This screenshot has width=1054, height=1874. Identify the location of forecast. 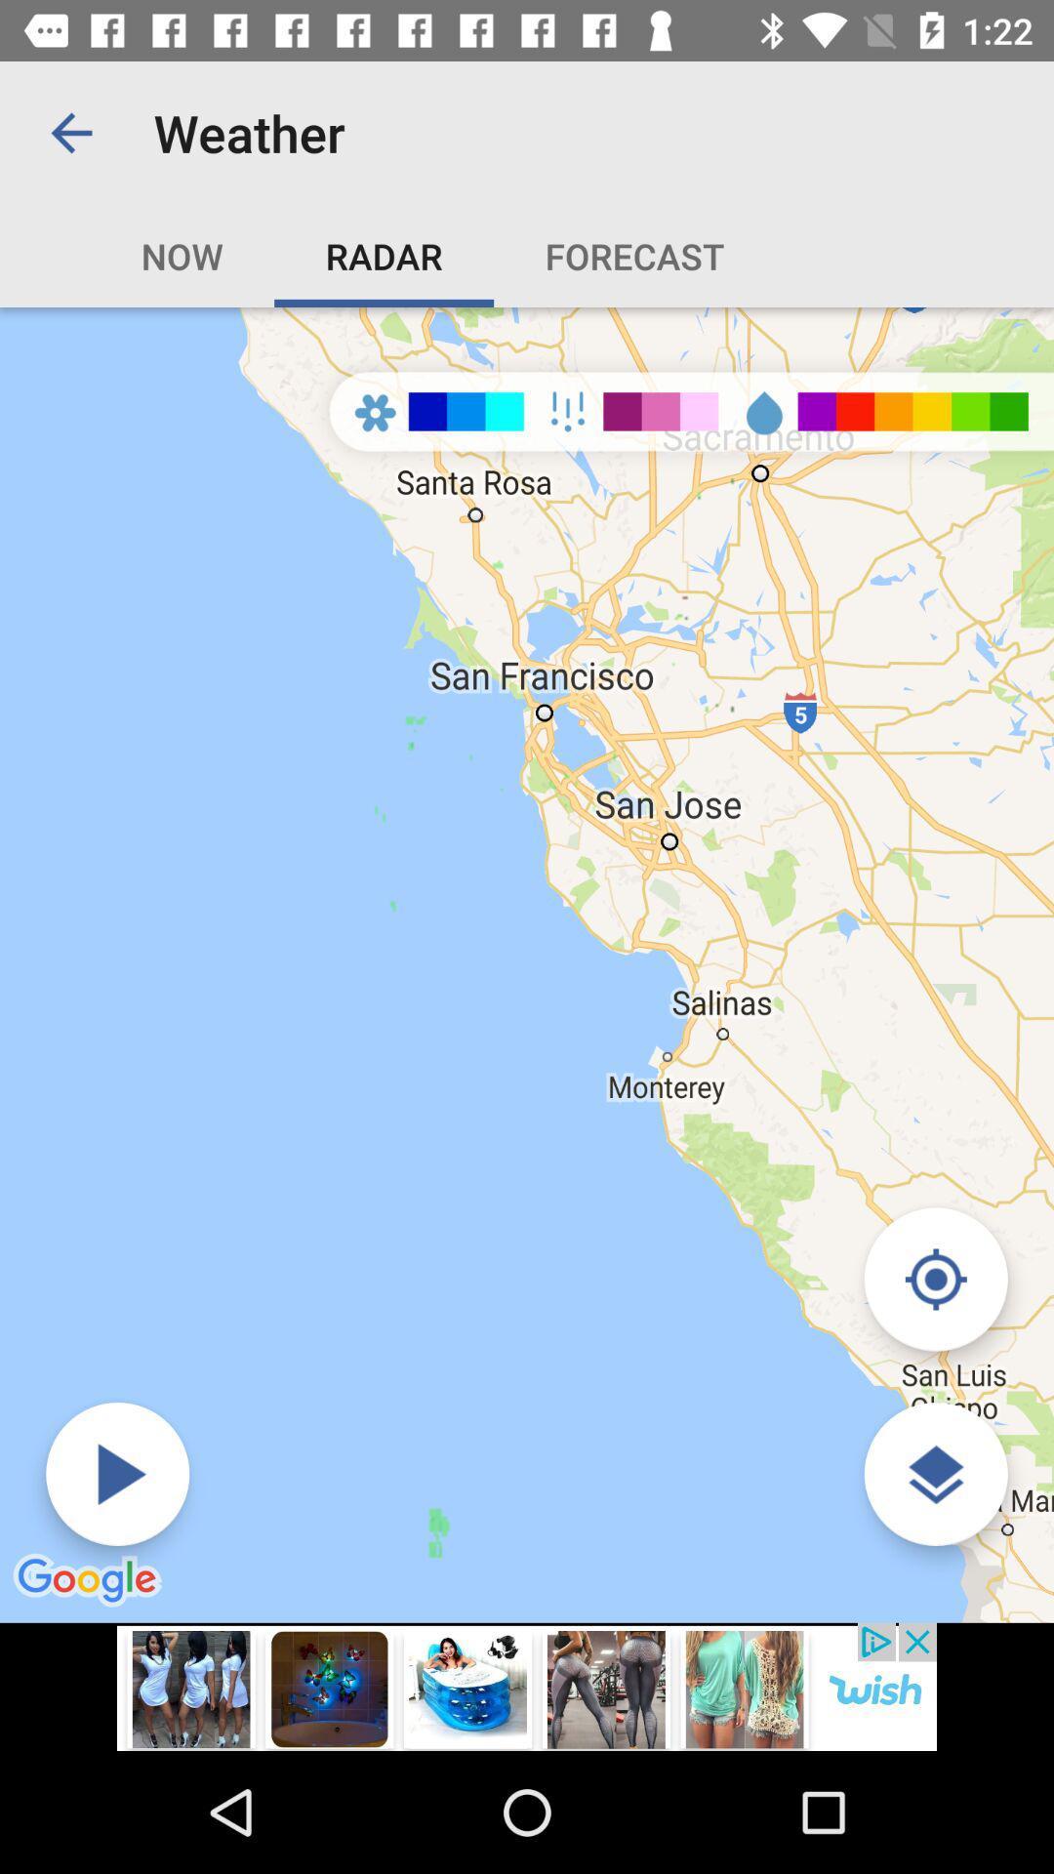
(117, 1474).